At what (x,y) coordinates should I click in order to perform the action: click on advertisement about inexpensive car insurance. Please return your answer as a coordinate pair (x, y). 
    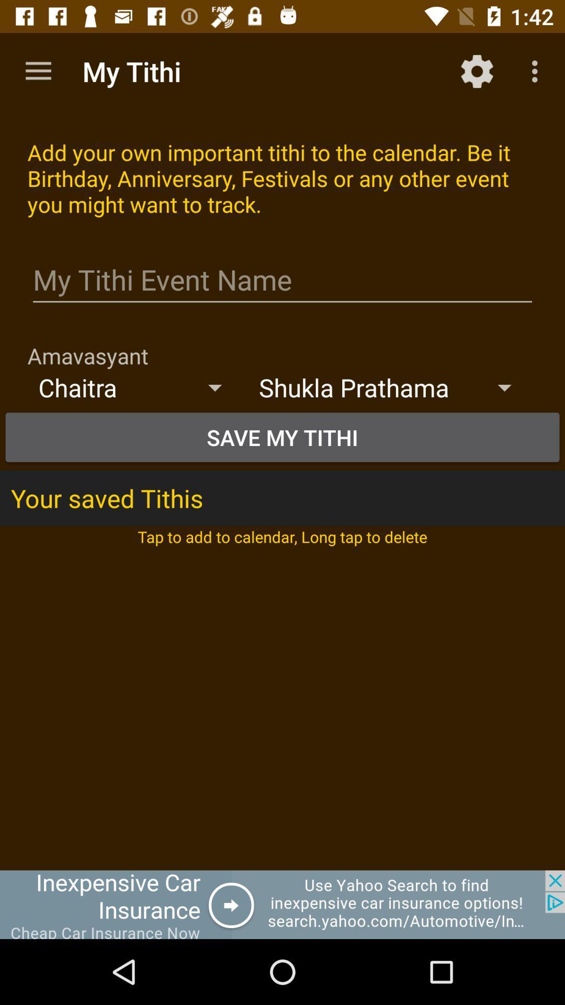
    Looking at the image, I should click on (282, 904).